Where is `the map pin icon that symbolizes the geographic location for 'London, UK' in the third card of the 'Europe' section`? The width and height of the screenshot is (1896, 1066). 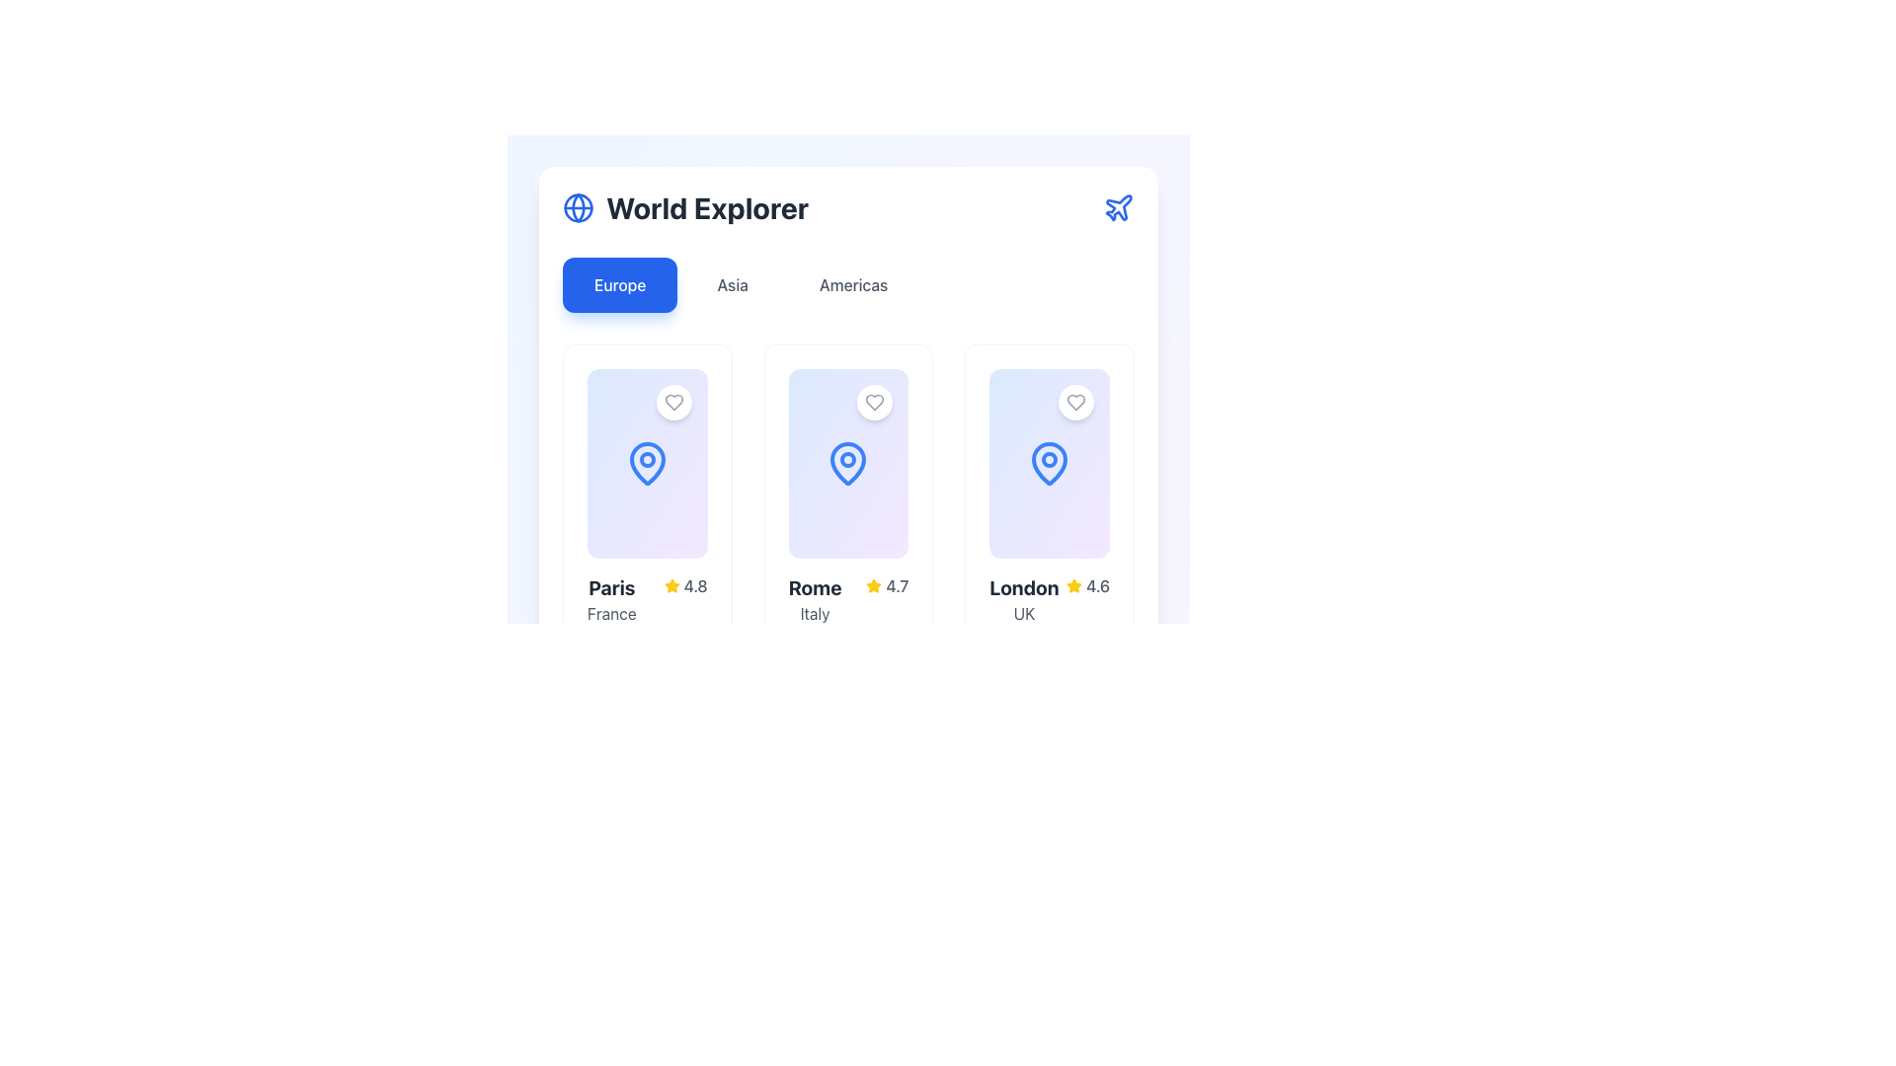 the map pin icon that symbolizes the geographic location for 'London, UK' in the third card of the 'Europe' section is located at coordinates (1049, 464).